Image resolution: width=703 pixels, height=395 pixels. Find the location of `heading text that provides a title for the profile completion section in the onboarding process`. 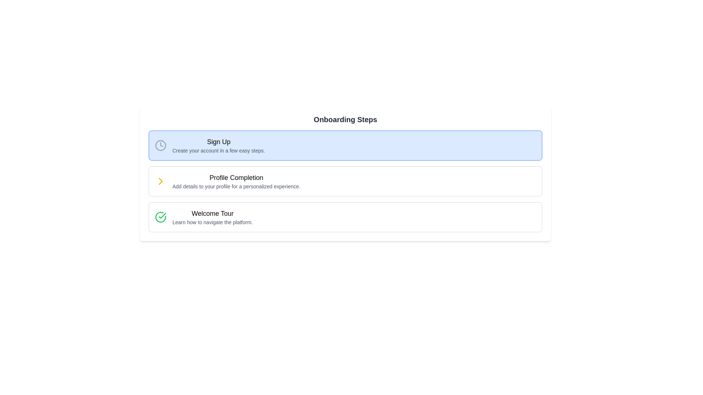

heading text that provides a title for the profile completion section in the onboarding process is located at coordinates (236, 178).